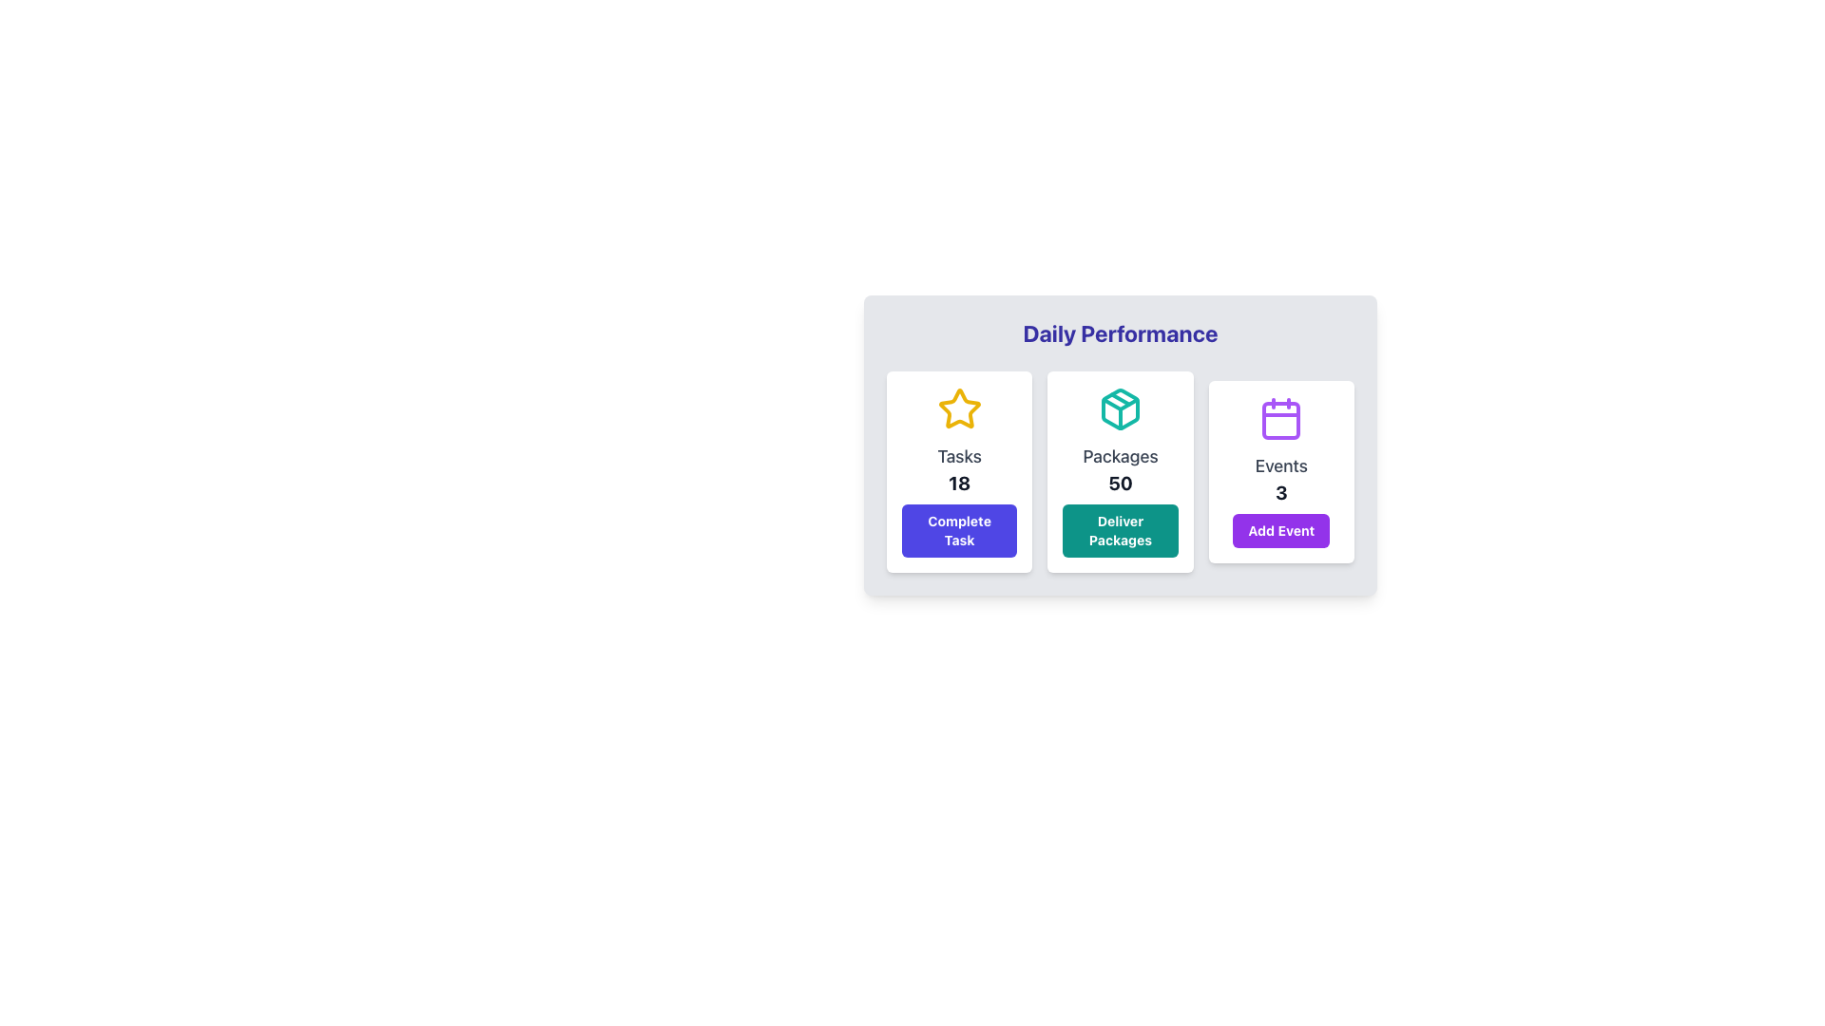 The width and height of the screenshot is (1825, 1026). What do you see at coordinates (959, 483) in the screenshot?
I see `the text label that displays the number of tasks associated with the 'Tasks' card, located directly below the 'Tasks' label in the 'Daily Performance' section` at bounding box center [959, 483].